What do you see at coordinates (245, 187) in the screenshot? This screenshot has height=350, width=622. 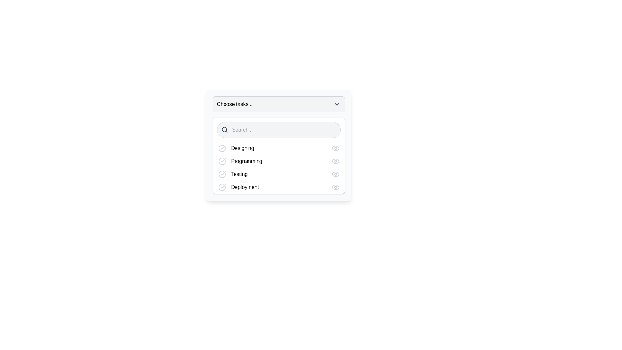 I see `text of the task name label located in the fourth row of the task list, positioned to the right of a circular checkmark icon and to the left of a visibility icon` at bounding box center [245, 187].